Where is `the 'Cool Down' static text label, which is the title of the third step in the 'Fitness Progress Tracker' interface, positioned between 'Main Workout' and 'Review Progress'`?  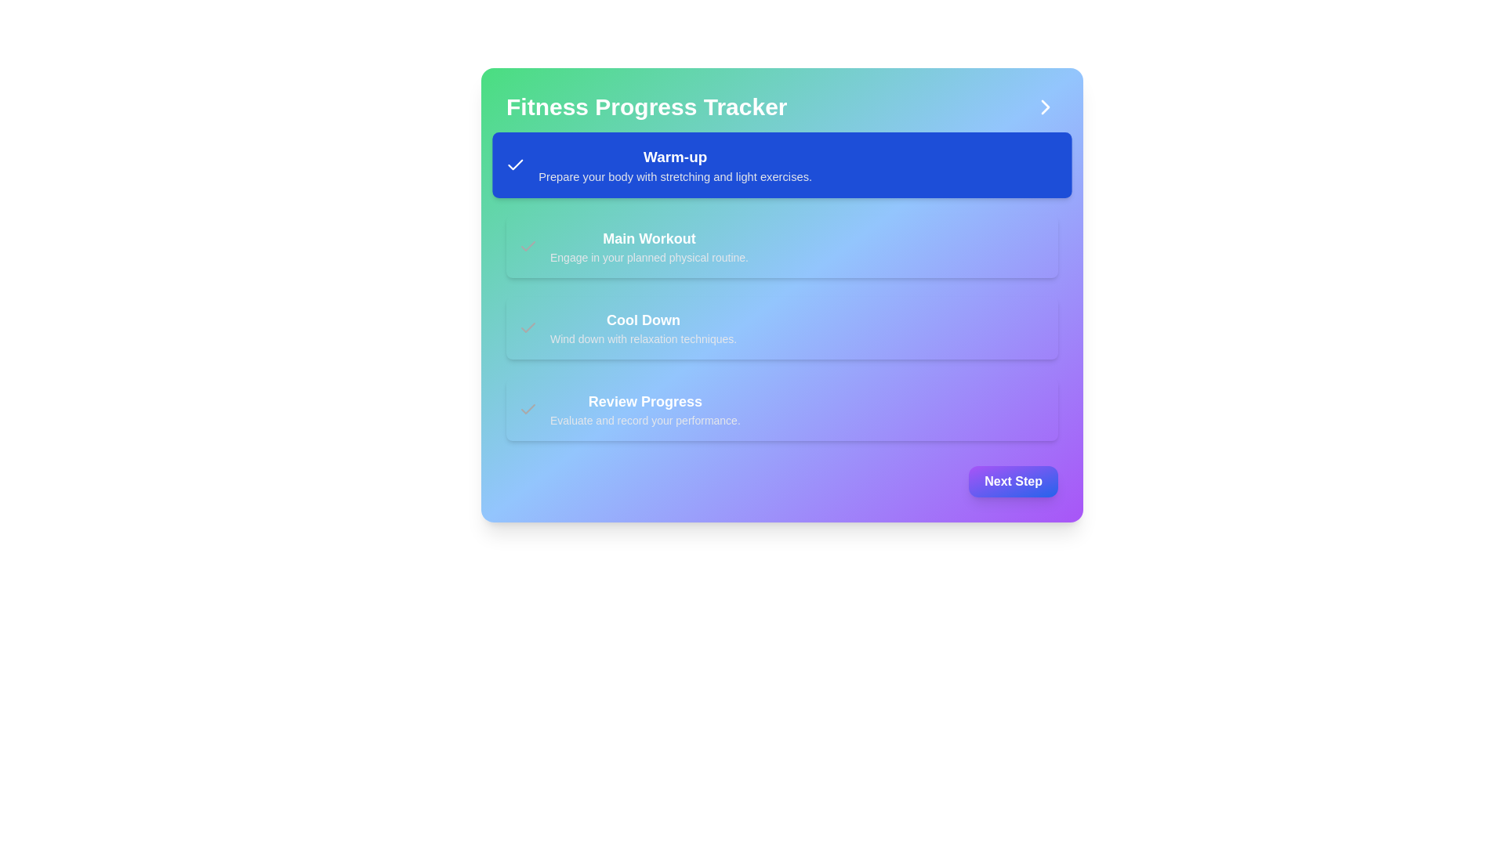
the 'Cool Down' static text label, which is the title of the third step in the 'Fitness Progress Tracker' interface, positioned between 'Main Workout' and 'Review Progress' is located at coordinates (643, 319).